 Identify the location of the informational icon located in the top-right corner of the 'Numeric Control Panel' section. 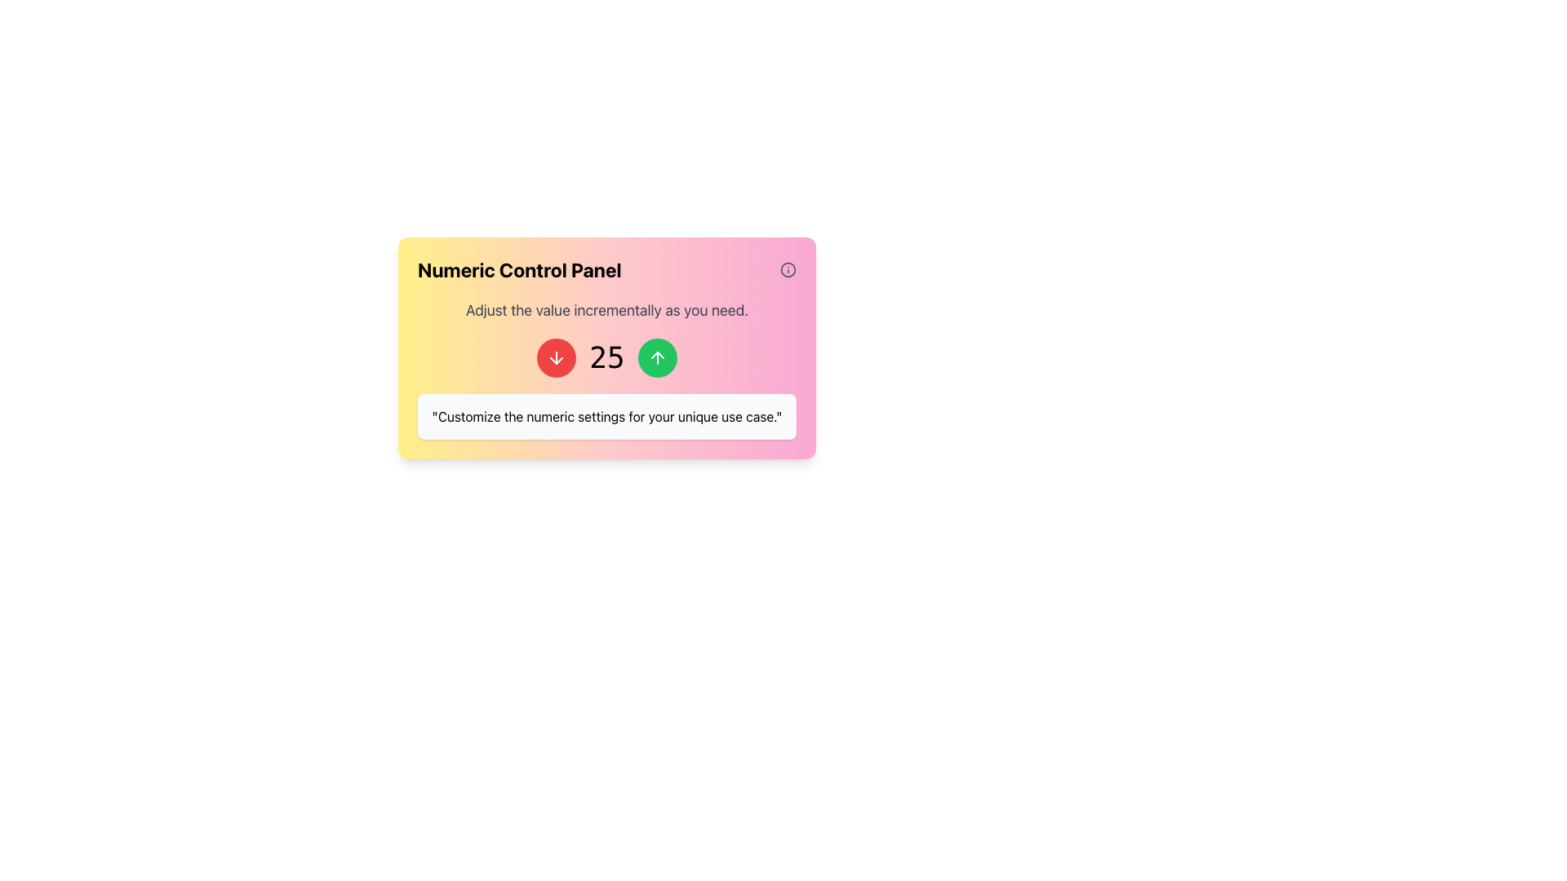
(788, 269).